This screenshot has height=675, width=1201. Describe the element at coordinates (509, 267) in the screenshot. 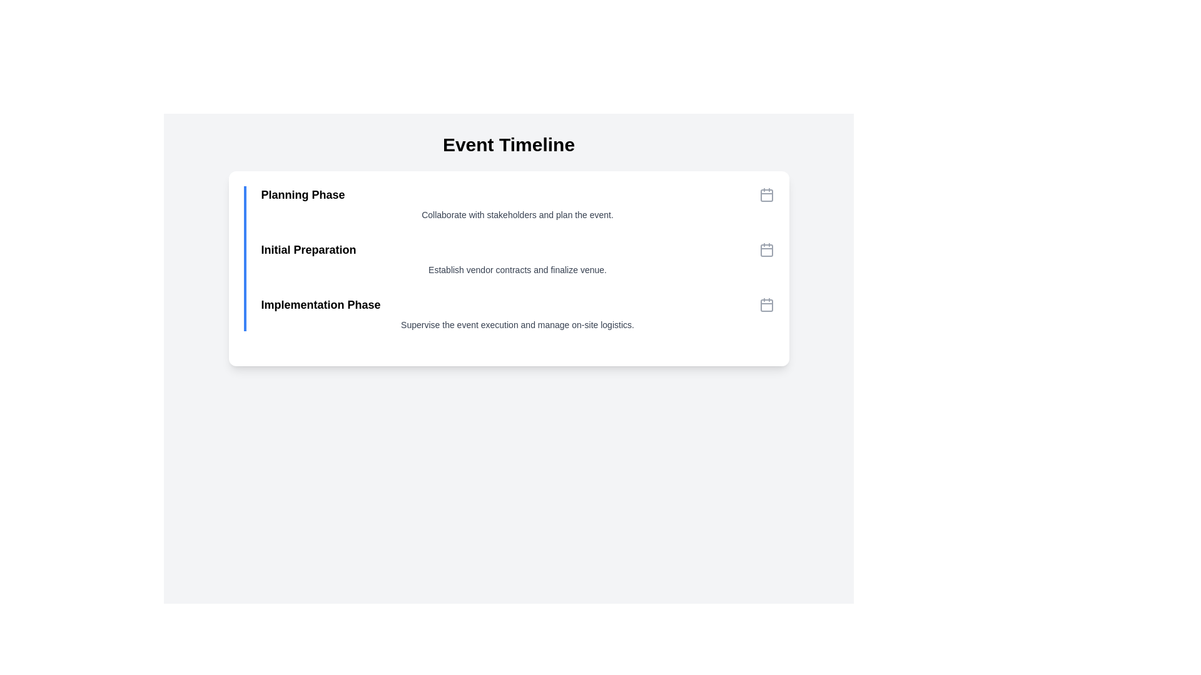

I see `the centrally located text block that informs the user about the steps or phases of an event timeline, positioned below the header text 'Event Timeline'` at that location.